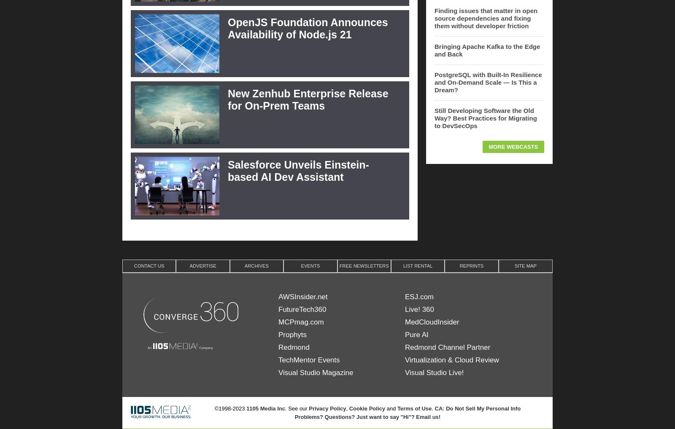  Describe the element at coordinates (367, 416) in the screenshot. I see `'Problems? Questions? Just want to say "Hi"? Email us!'` at that location.